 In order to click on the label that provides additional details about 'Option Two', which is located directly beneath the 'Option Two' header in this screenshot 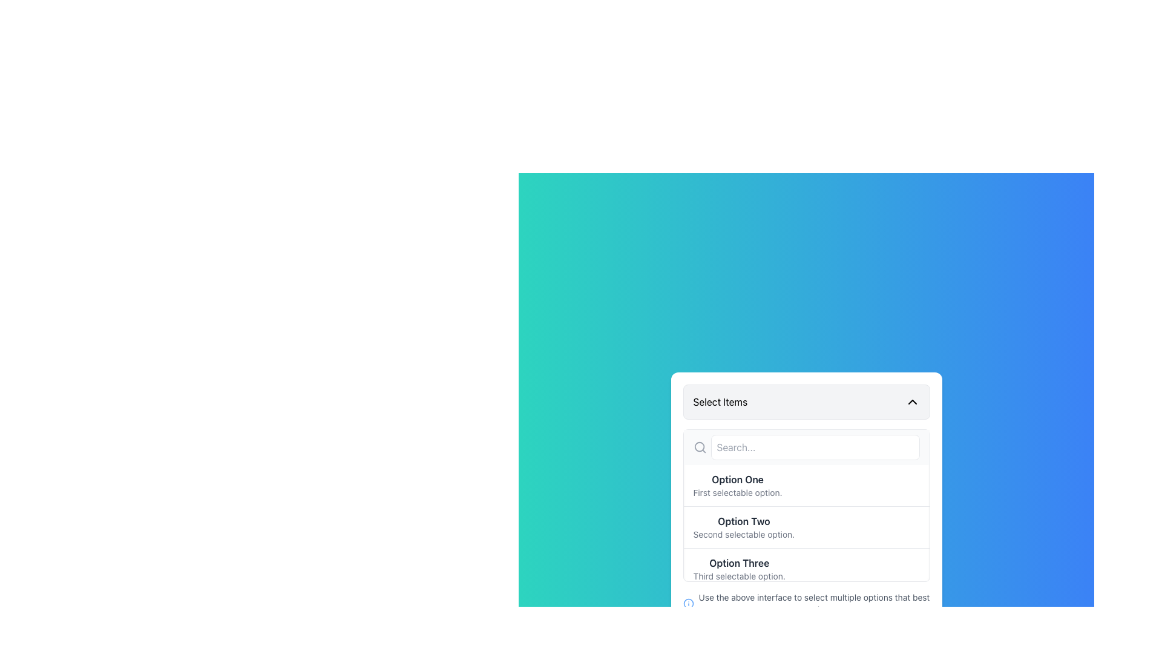, I will do `click(743, 534)`.